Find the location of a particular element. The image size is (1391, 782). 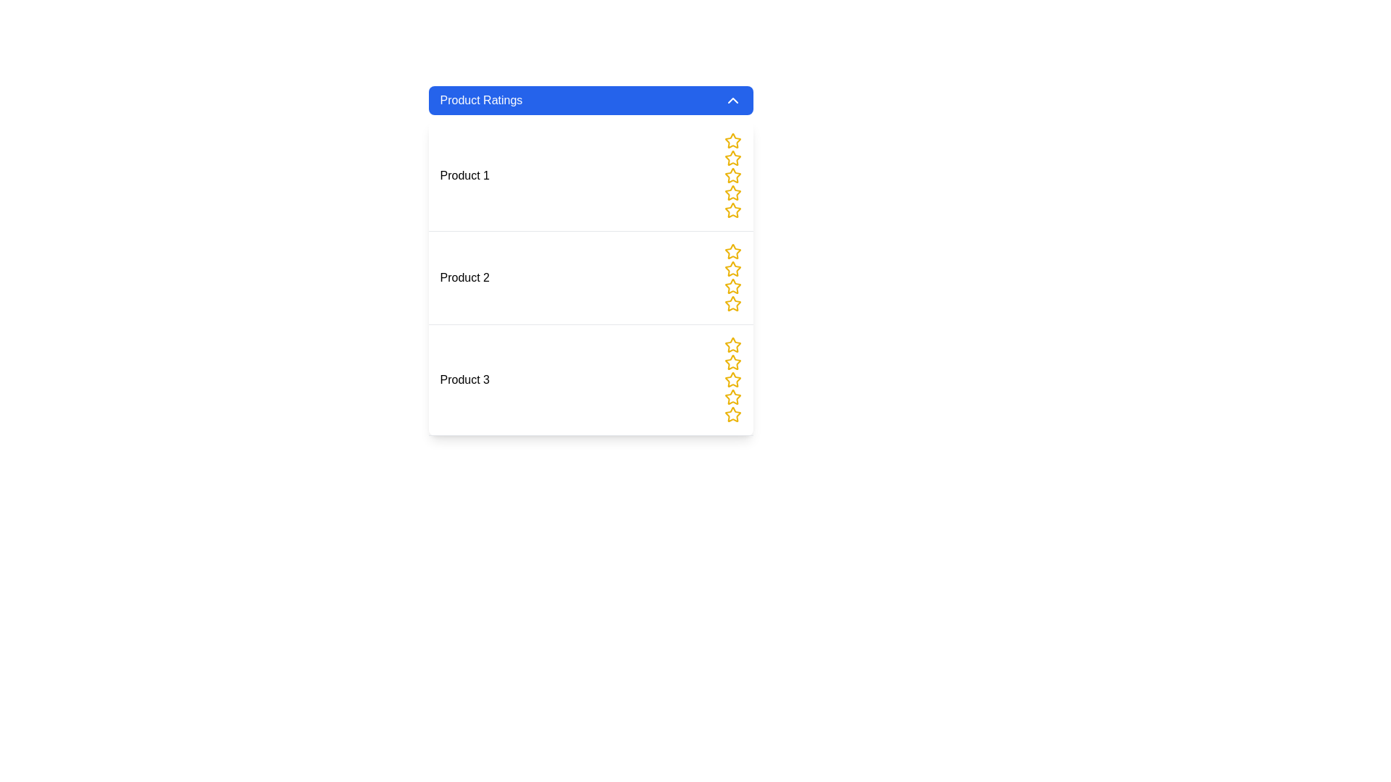

the fifth Interactive Rating Star Icon for 'Product 1' to prepare for interaction is located at coordinates (732, 210).